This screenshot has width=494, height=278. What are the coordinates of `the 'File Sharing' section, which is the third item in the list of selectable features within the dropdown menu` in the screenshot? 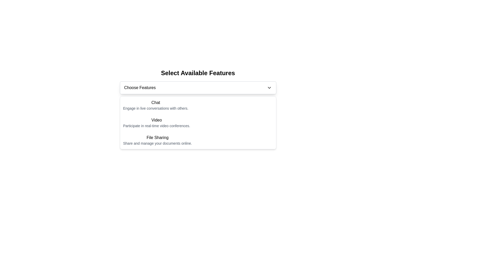 It's located at (198, 140).